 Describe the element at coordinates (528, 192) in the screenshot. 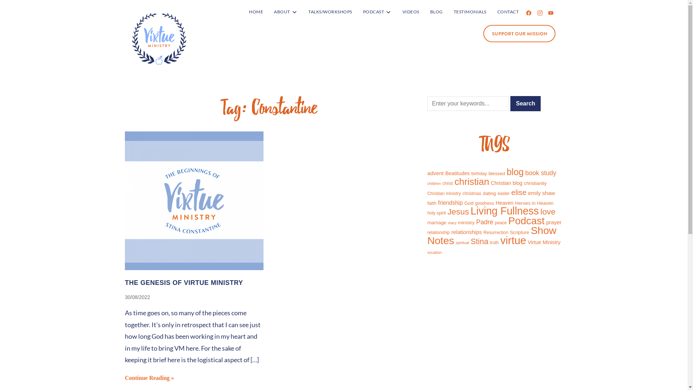

I see `'emily shaw'` at that location.